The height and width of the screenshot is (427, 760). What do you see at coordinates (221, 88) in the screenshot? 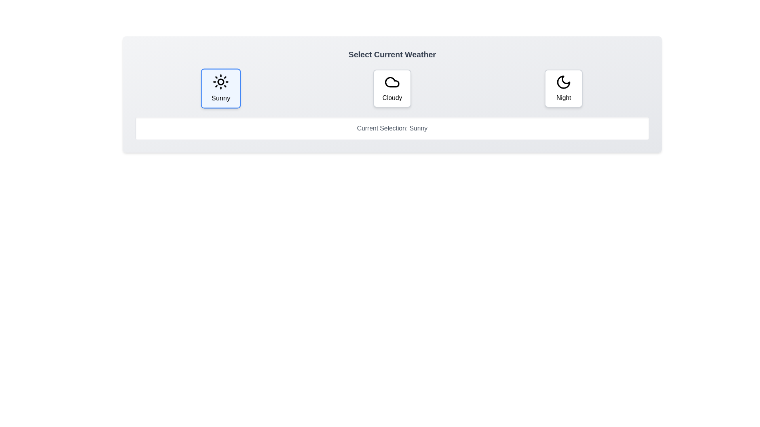
I see `the button corresponding to the weather option Sunny` at bounding box center [221, 88].